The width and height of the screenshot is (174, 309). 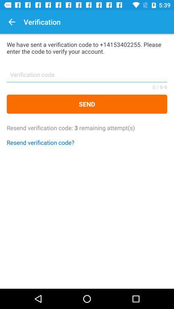 What do you see at coordinates (12, 22) in the screenshot?
I see `icon above we have sent icon` at bounding box center [12, 22].